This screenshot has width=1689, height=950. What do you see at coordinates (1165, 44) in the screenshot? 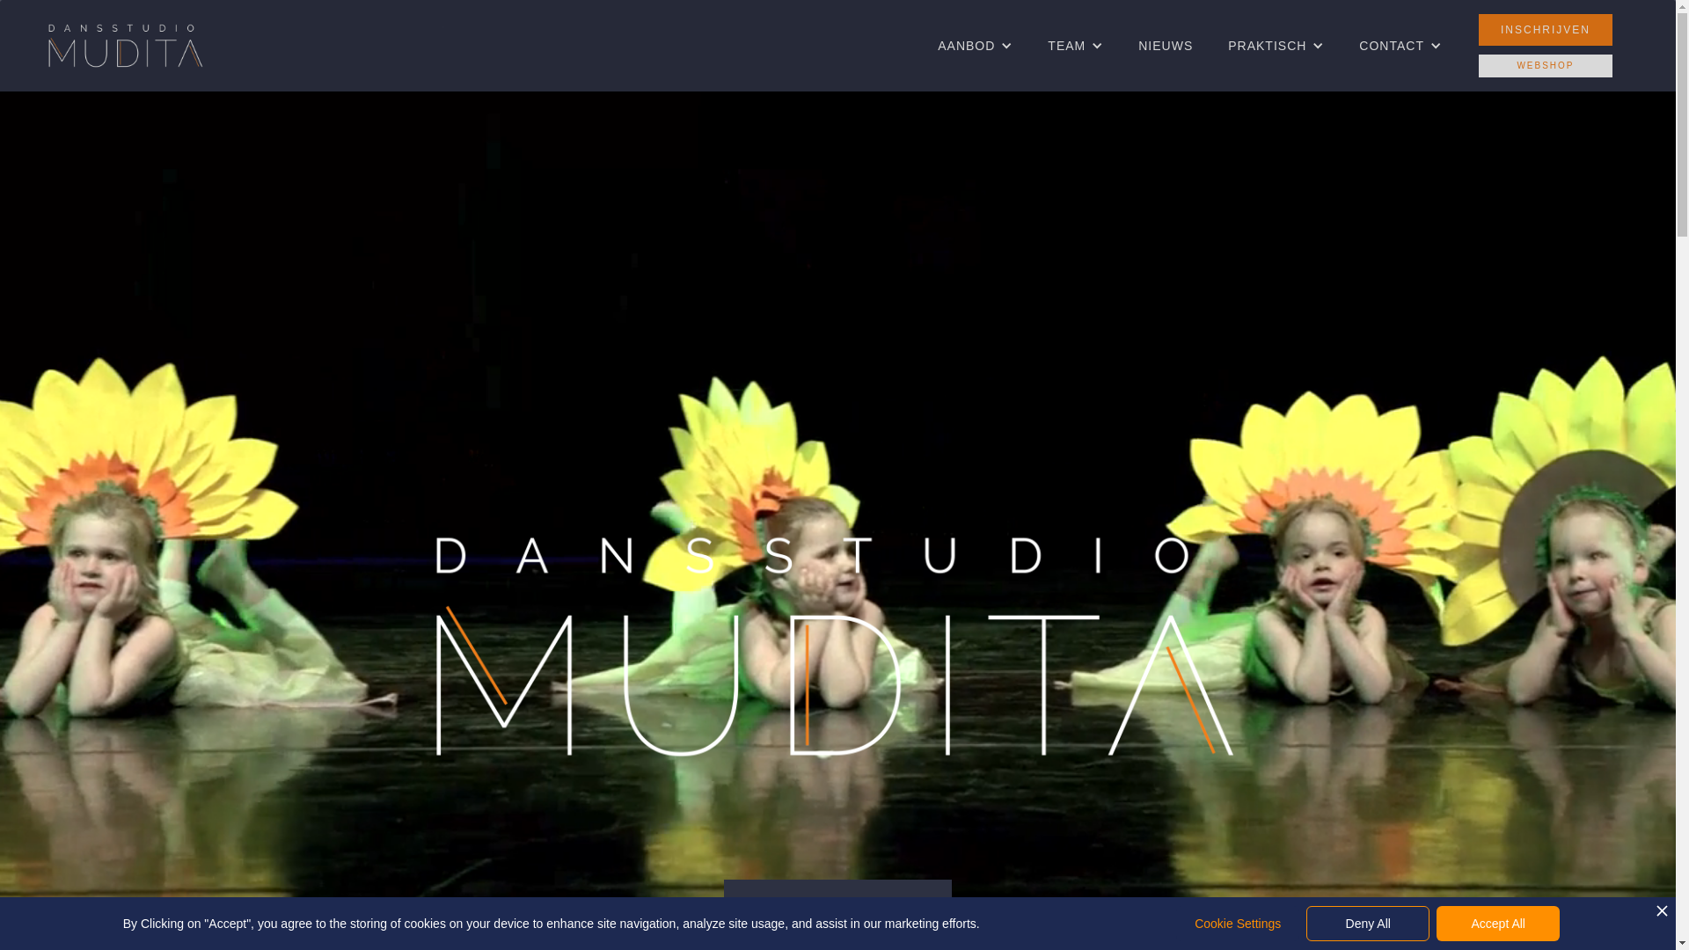
I see `'NIEUWS'` at bounding box center [1165, 44].